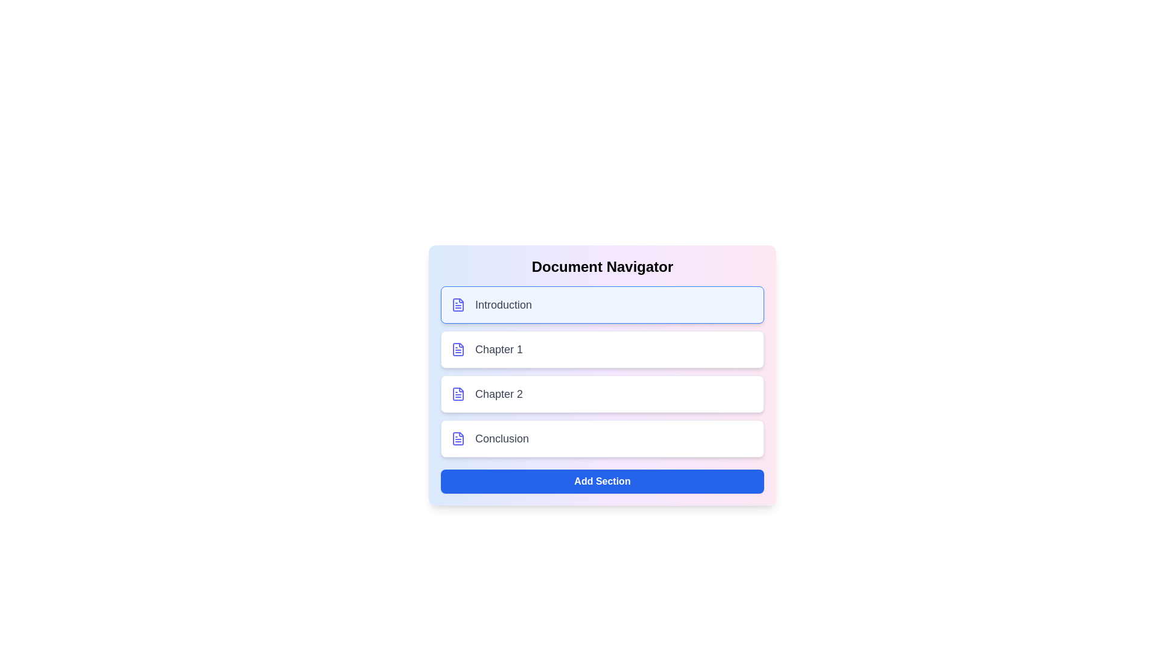  Describe the element at coordinates (602, 304) in the screenshot. I see `the section Introduction to observe its hover effect` at that location.